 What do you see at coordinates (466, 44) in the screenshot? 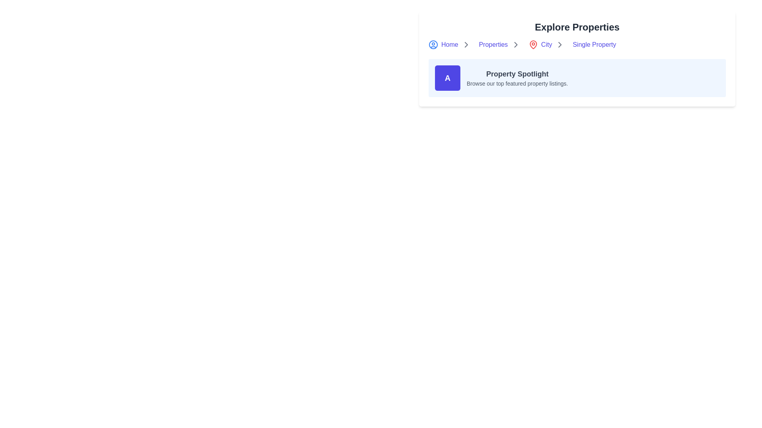
I see `the second chevron icon in the breadcrumb navigation bar, located between 'Home' and 'Properties'` at bounding box center [466, 44].